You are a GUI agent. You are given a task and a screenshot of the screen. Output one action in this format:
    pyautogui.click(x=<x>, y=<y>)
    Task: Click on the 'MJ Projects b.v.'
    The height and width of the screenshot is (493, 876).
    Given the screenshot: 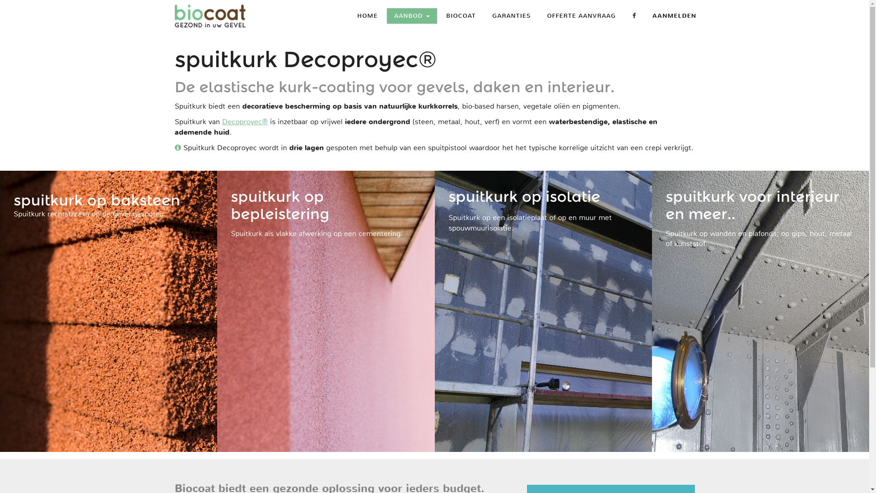 What is the action you would take?
    pyautogui.click(x=209, y=16)
    